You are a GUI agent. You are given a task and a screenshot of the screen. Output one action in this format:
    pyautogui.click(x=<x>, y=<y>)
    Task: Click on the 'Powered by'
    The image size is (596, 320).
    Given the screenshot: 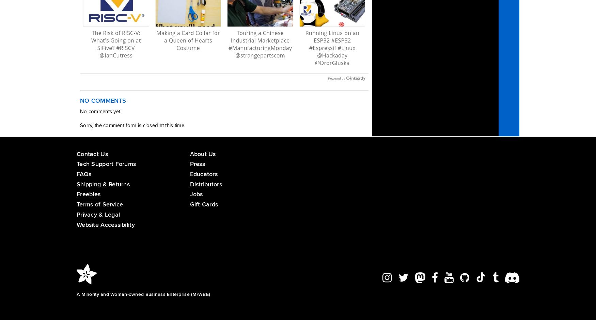 What is the action you would take?
    pyautogui.click(x=336, y=78)
    